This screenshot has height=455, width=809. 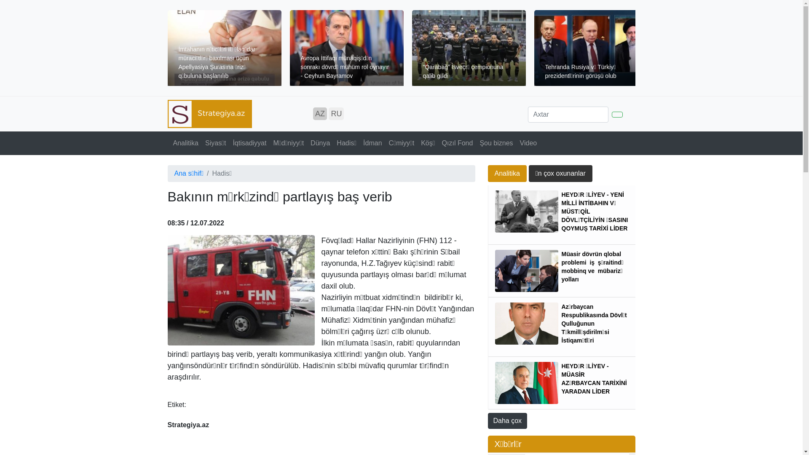 I want to click on 'AZ', so click(x=319, y=114).